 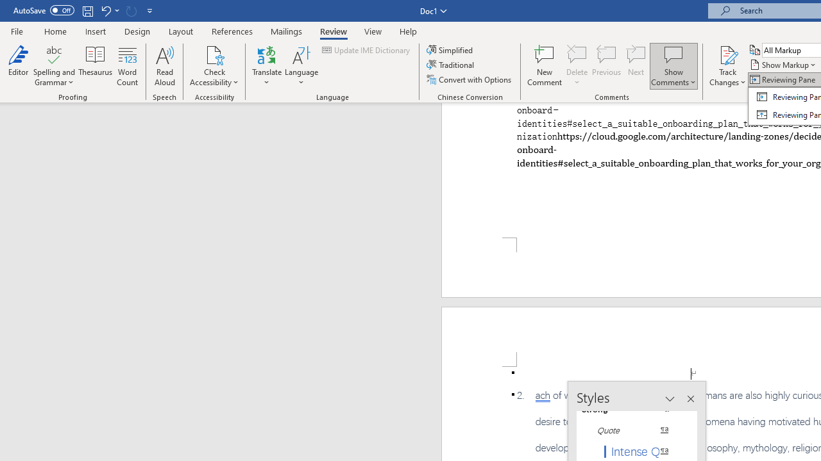 I want to click on 'Thesaurus...', so click(x=95, y=66).